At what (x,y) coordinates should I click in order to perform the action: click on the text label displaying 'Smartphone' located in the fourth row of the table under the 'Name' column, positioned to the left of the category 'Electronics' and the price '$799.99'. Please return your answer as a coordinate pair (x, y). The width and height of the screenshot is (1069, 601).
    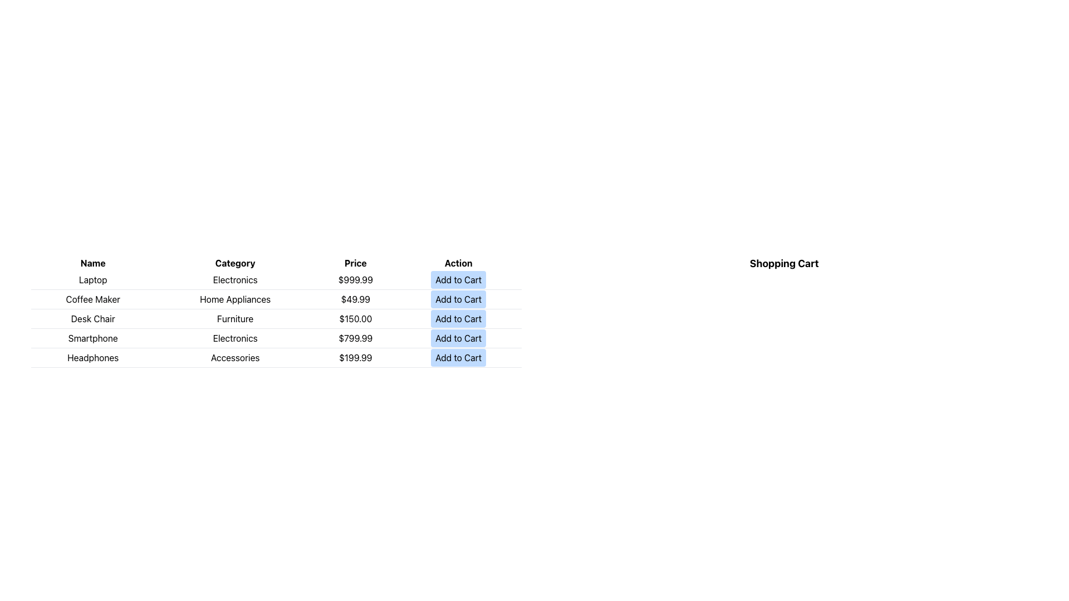
    Looking at the image, I should click on (93, 338).